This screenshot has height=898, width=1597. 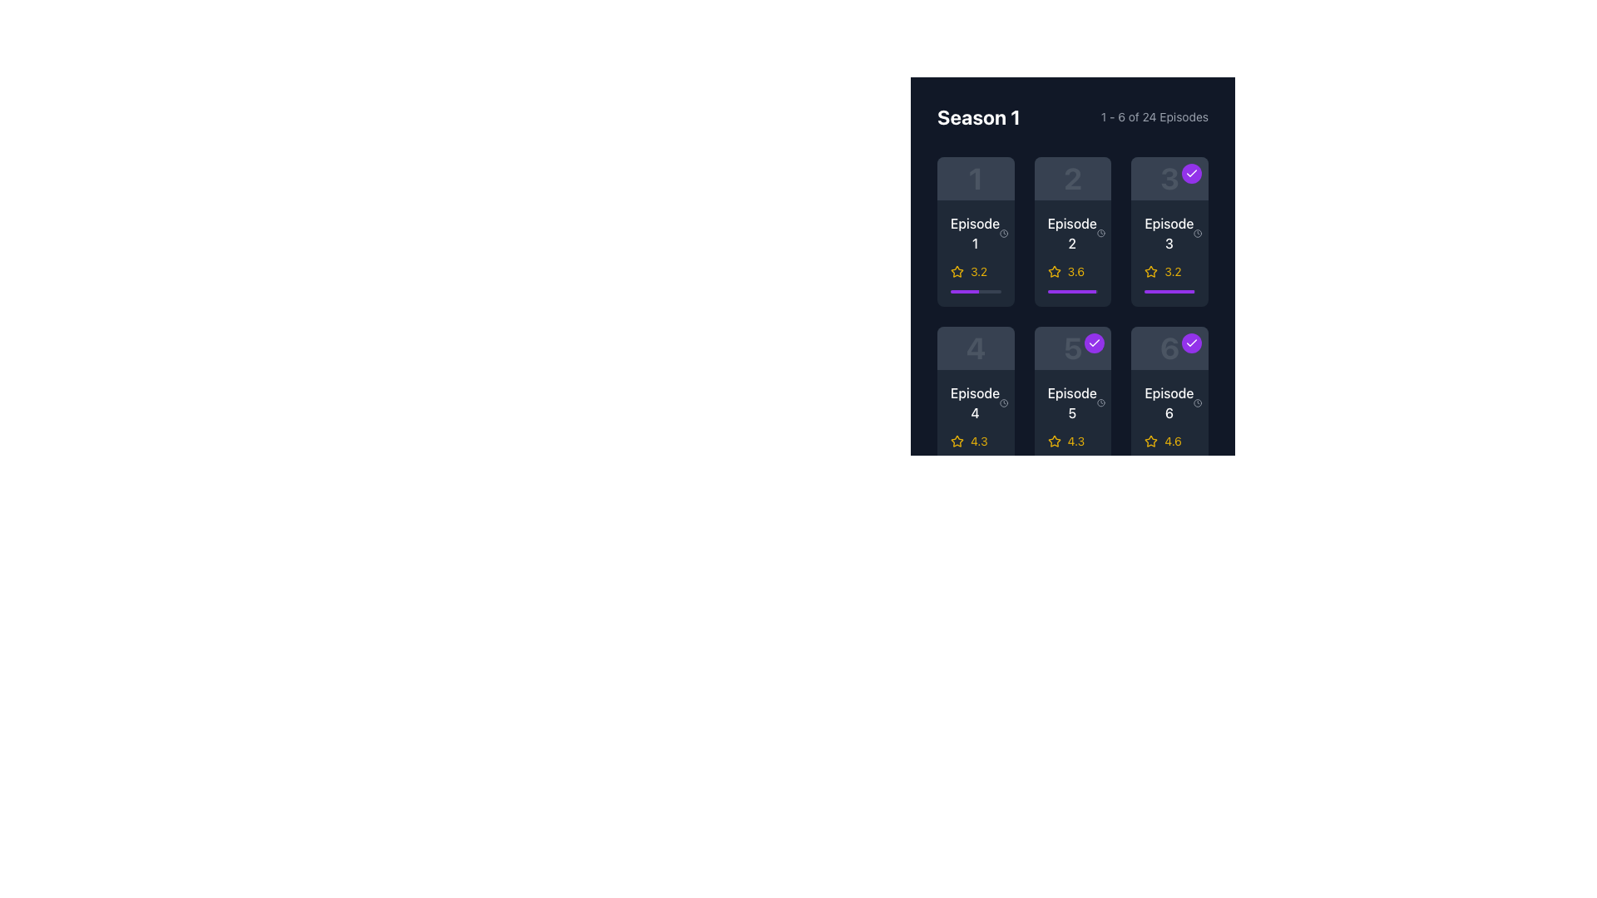 What do you see at coordinates (957, 271) in the screenshot?
I see `the yellow star icon indicating a rating, which is located in the top-left card of a 2x3 grid layout under the 'Season 1' header` at bounding box center [957, 271].